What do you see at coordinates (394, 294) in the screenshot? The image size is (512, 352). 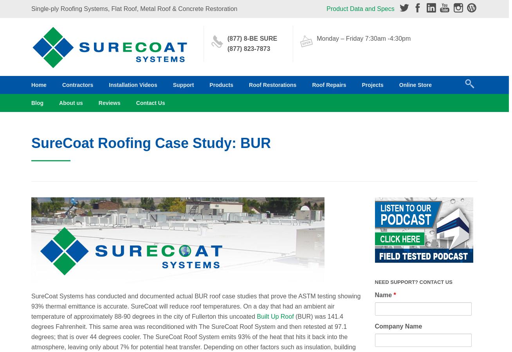 I see `'*'` at bounding box center [394, 294].